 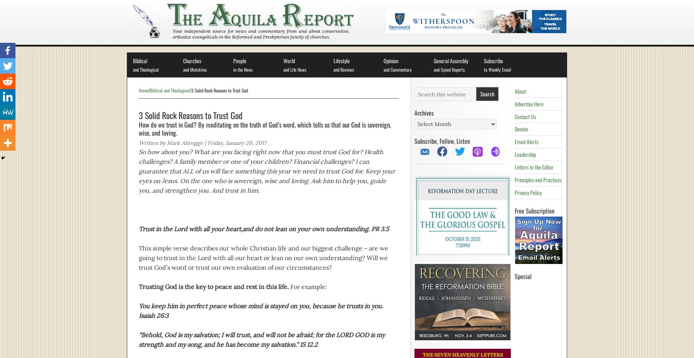 I want to click on 'Subscribe', so click(x=493, y=61).